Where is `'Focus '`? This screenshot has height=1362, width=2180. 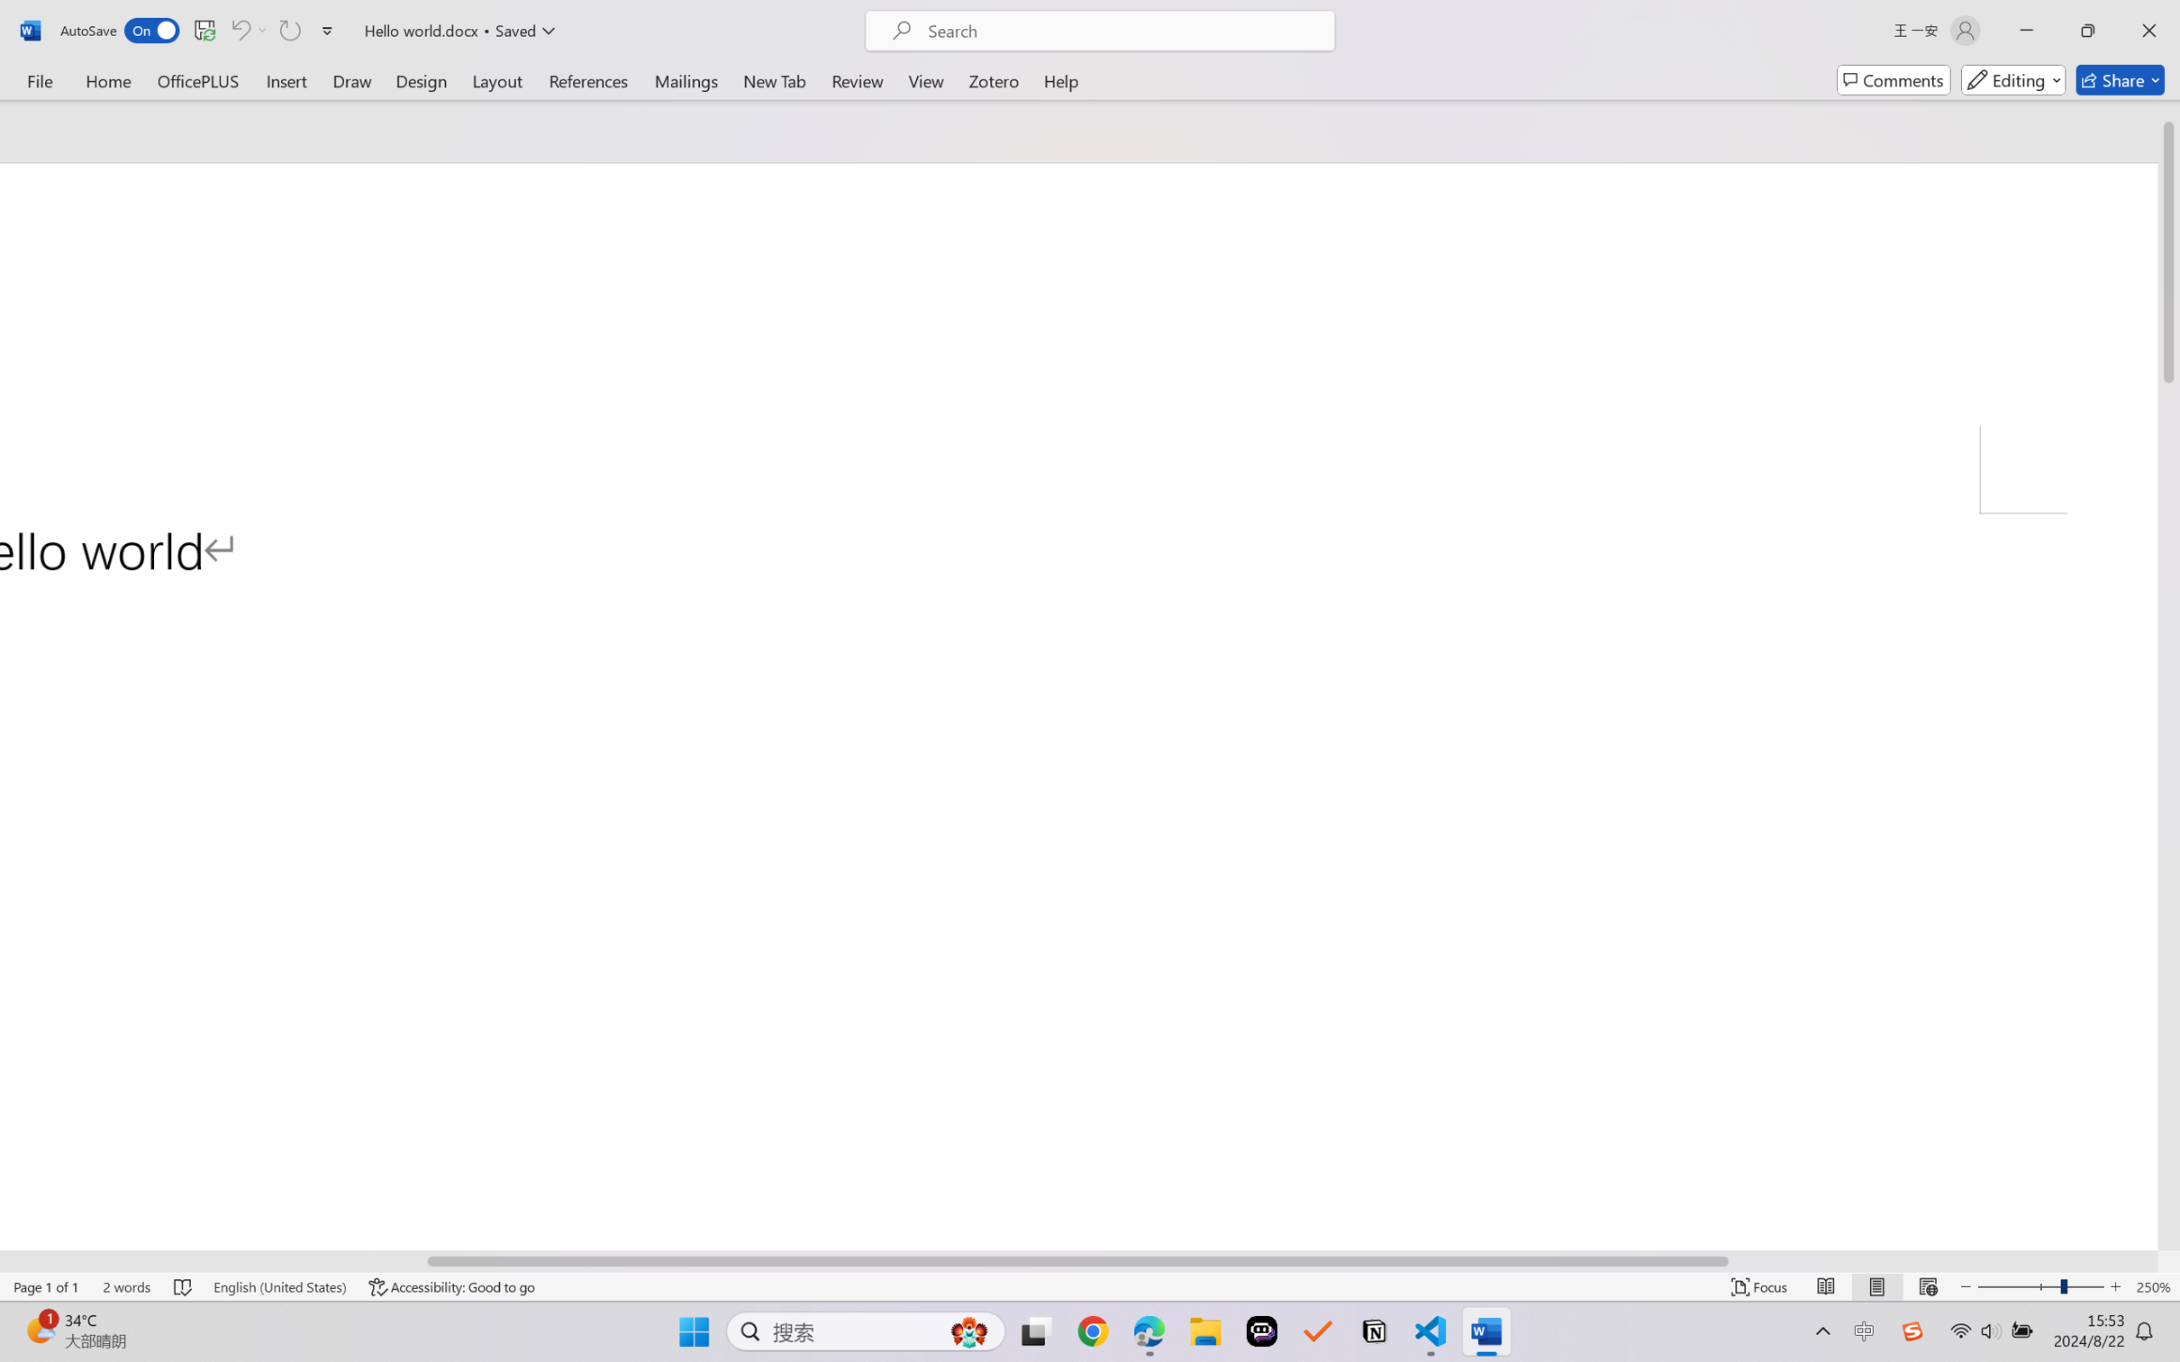
'Focus ' is located at coordinates (1759, 1286).